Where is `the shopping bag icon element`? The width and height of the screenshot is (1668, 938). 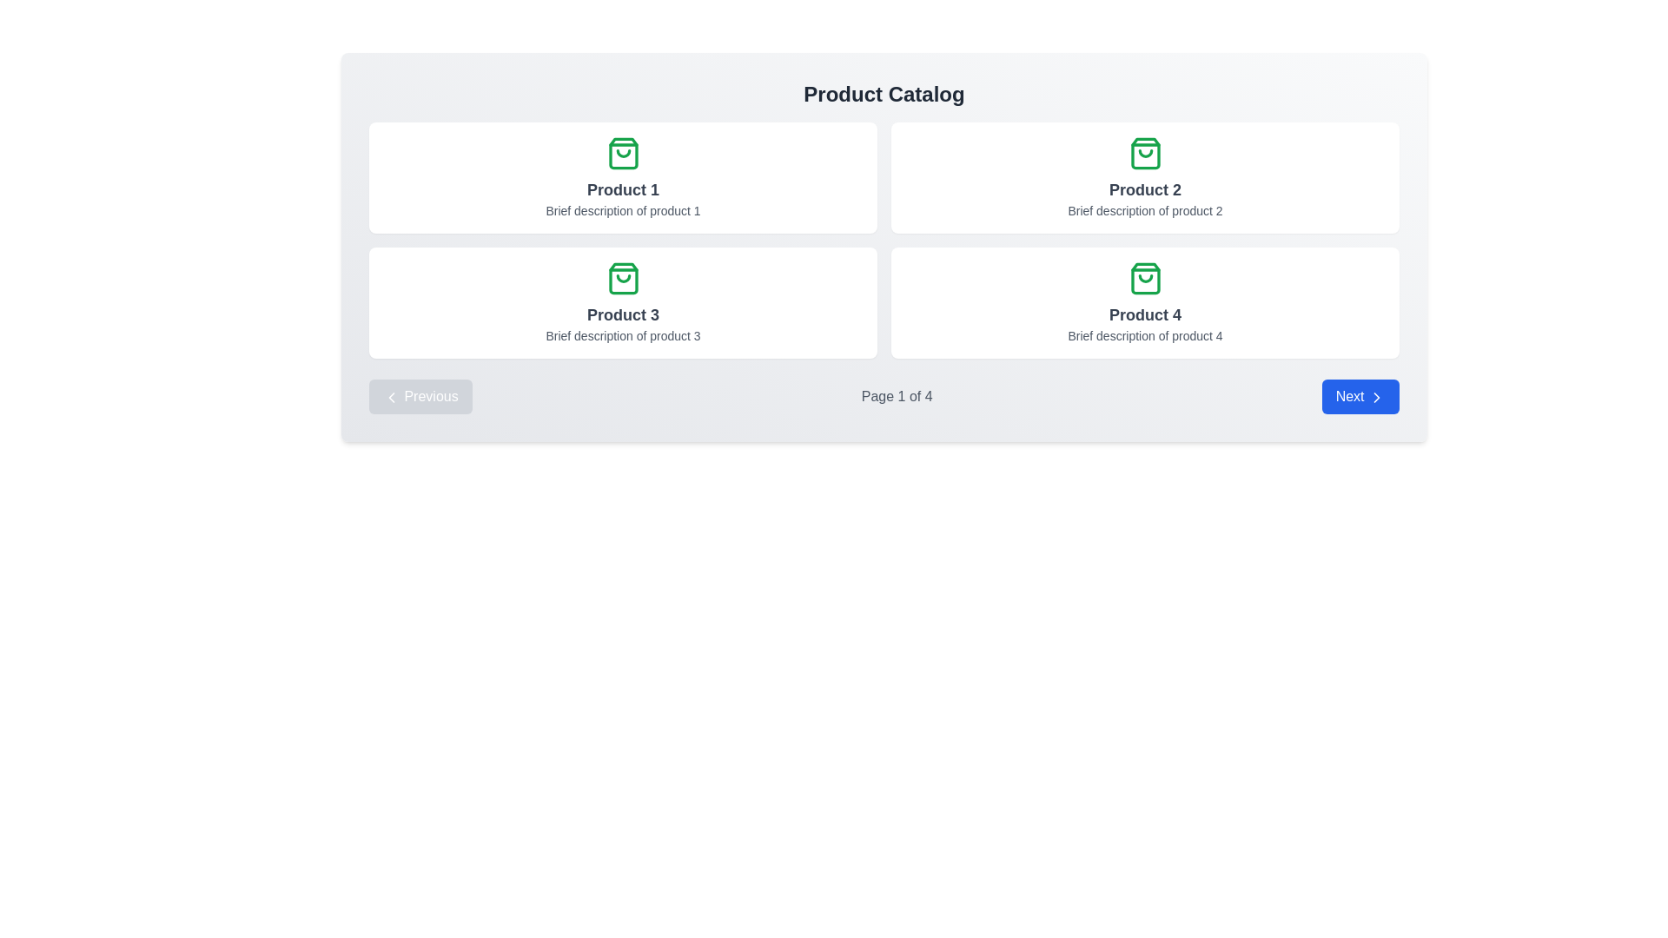 the shopping bag icon element is located at coordinates (623, 277).